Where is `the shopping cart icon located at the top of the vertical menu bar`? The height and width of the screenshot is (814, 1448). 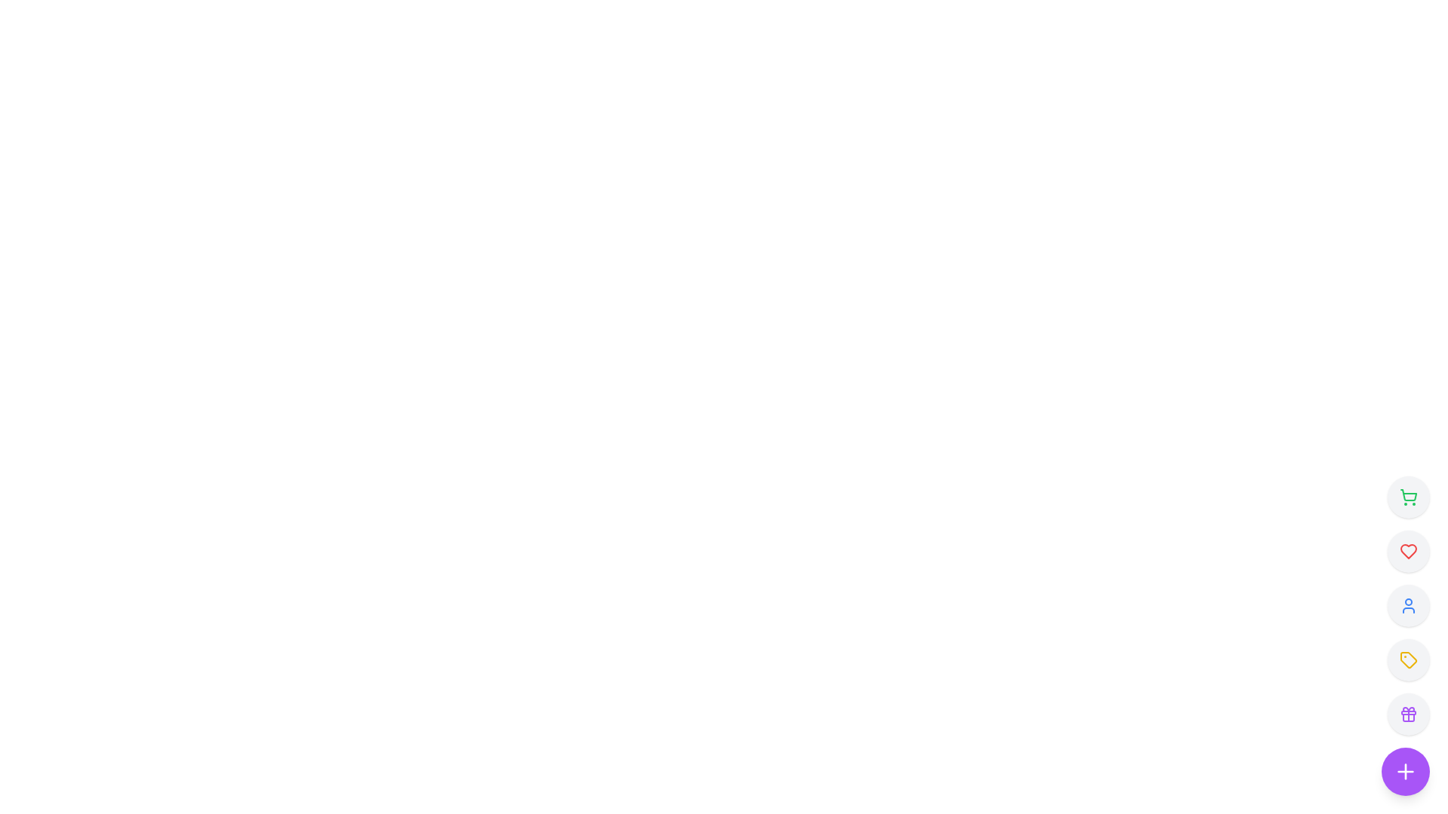
the shopping cart icon located at the top of the vertical menu bar is located at coordinates (1407, 497).